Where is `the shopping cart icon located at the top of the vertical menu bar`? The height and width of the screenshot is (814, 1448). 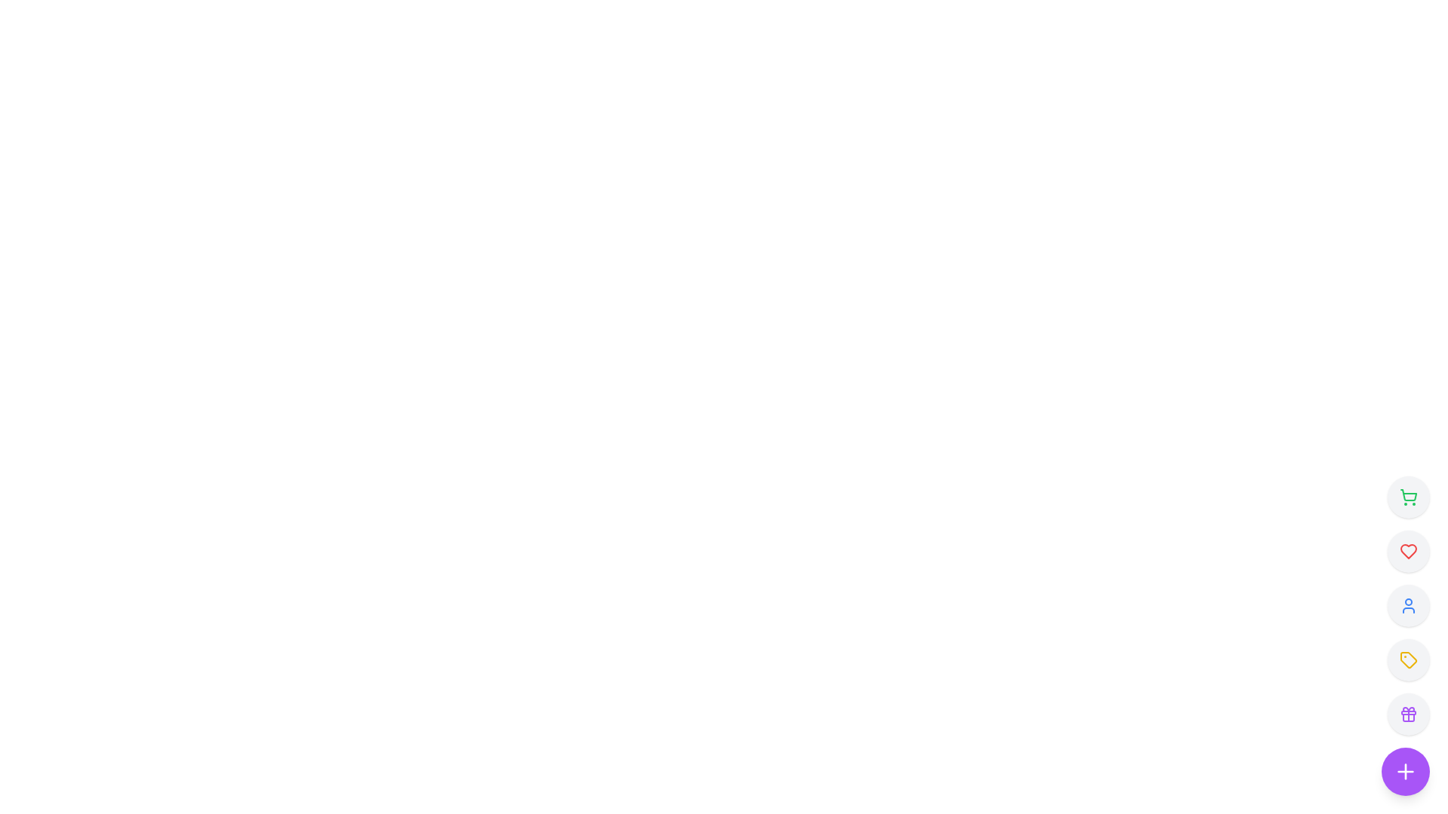
the shopping cart icon located at the top of the vertical menu bar is located at coordinates (1407, 497).